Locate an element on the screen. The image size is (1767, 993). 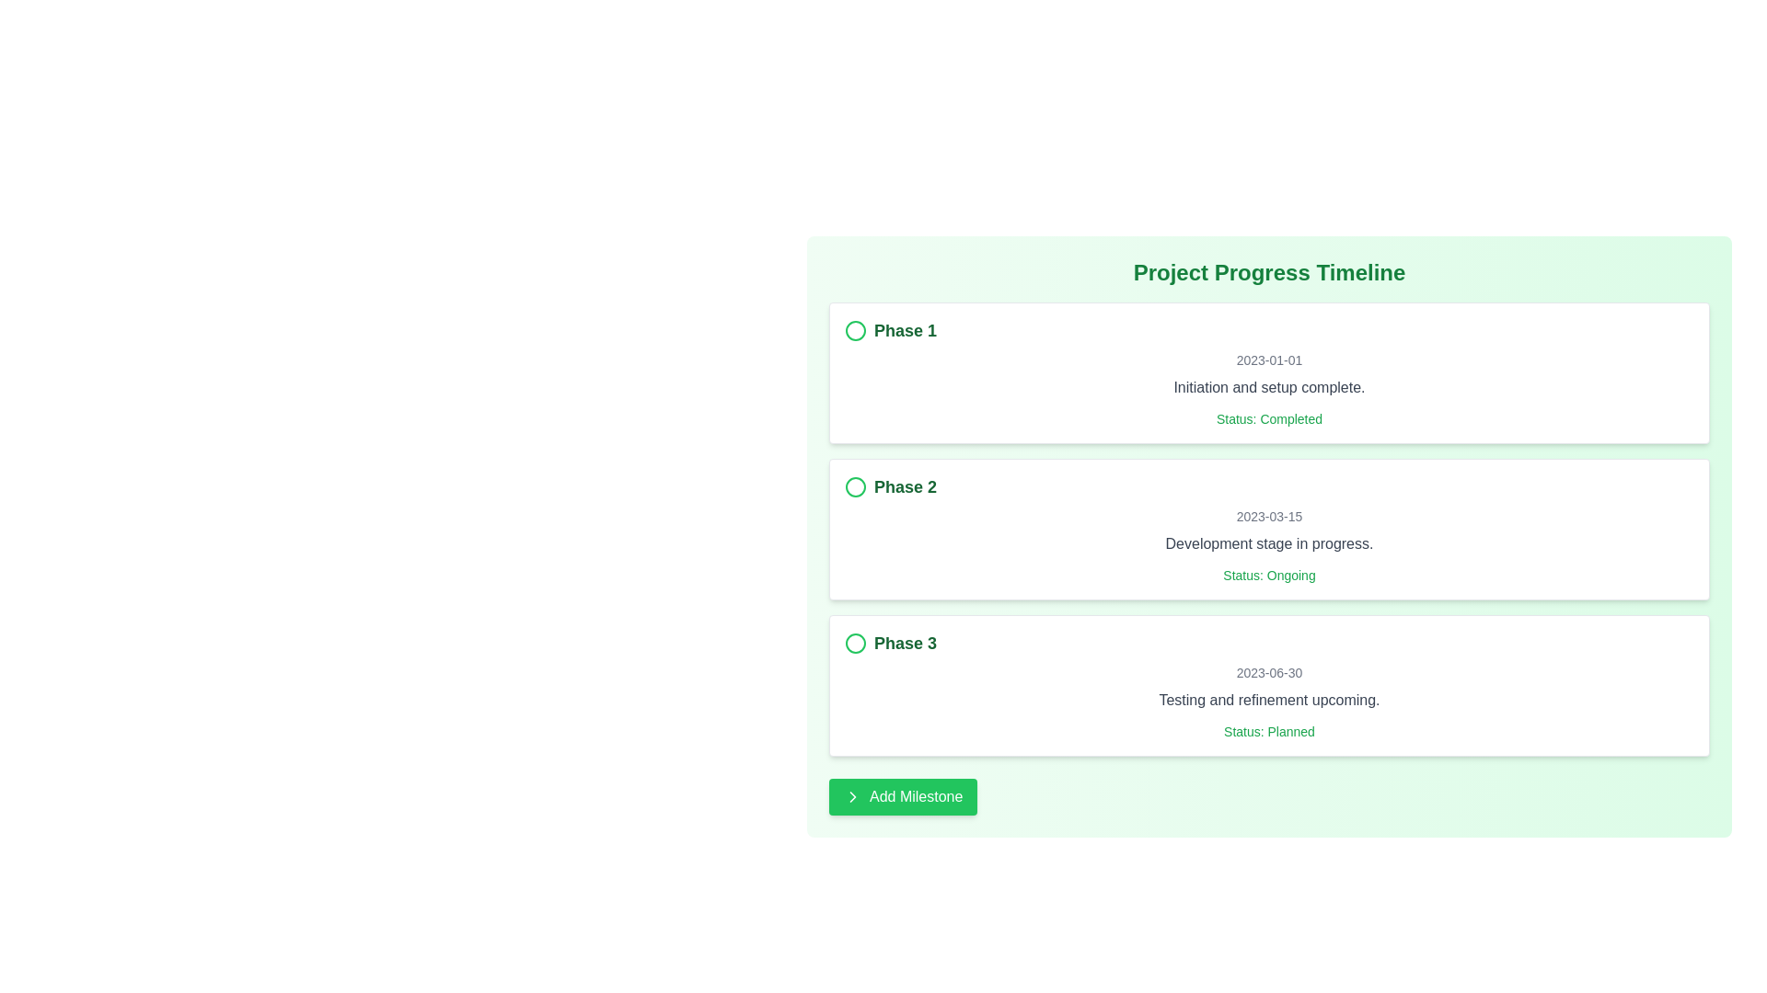
the chevron icon located within the 'Add Milestone' button at the bottom of the interface, which indicates forward navigation for confirming a milestone addition is located at coordinates (851, 796).